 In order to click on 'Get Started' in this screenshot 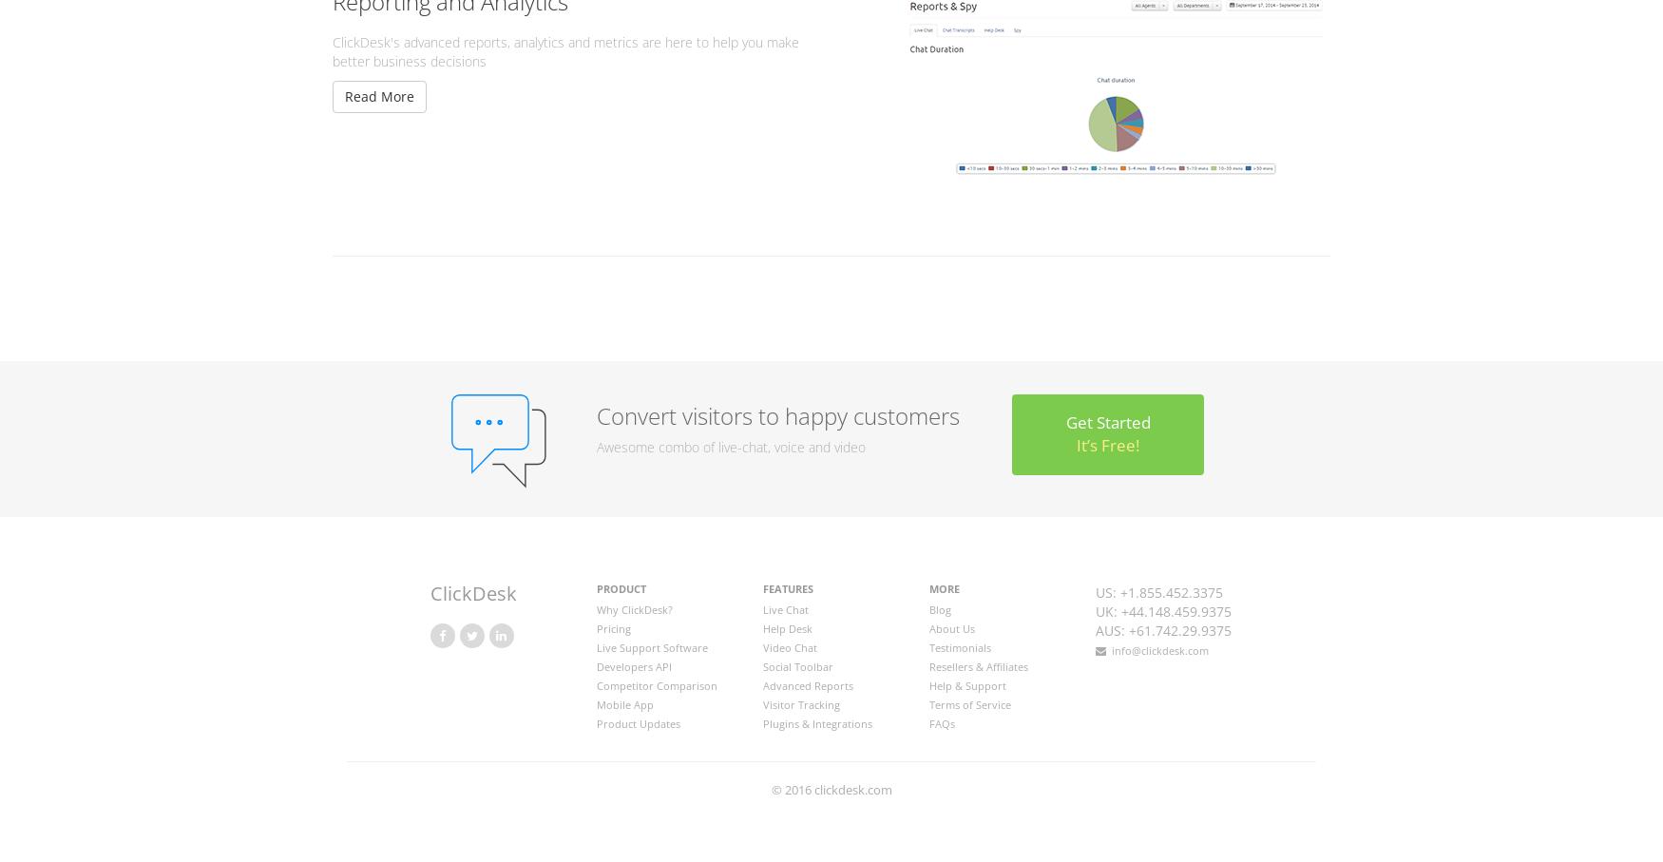, I will do `click(1106, 421)`.